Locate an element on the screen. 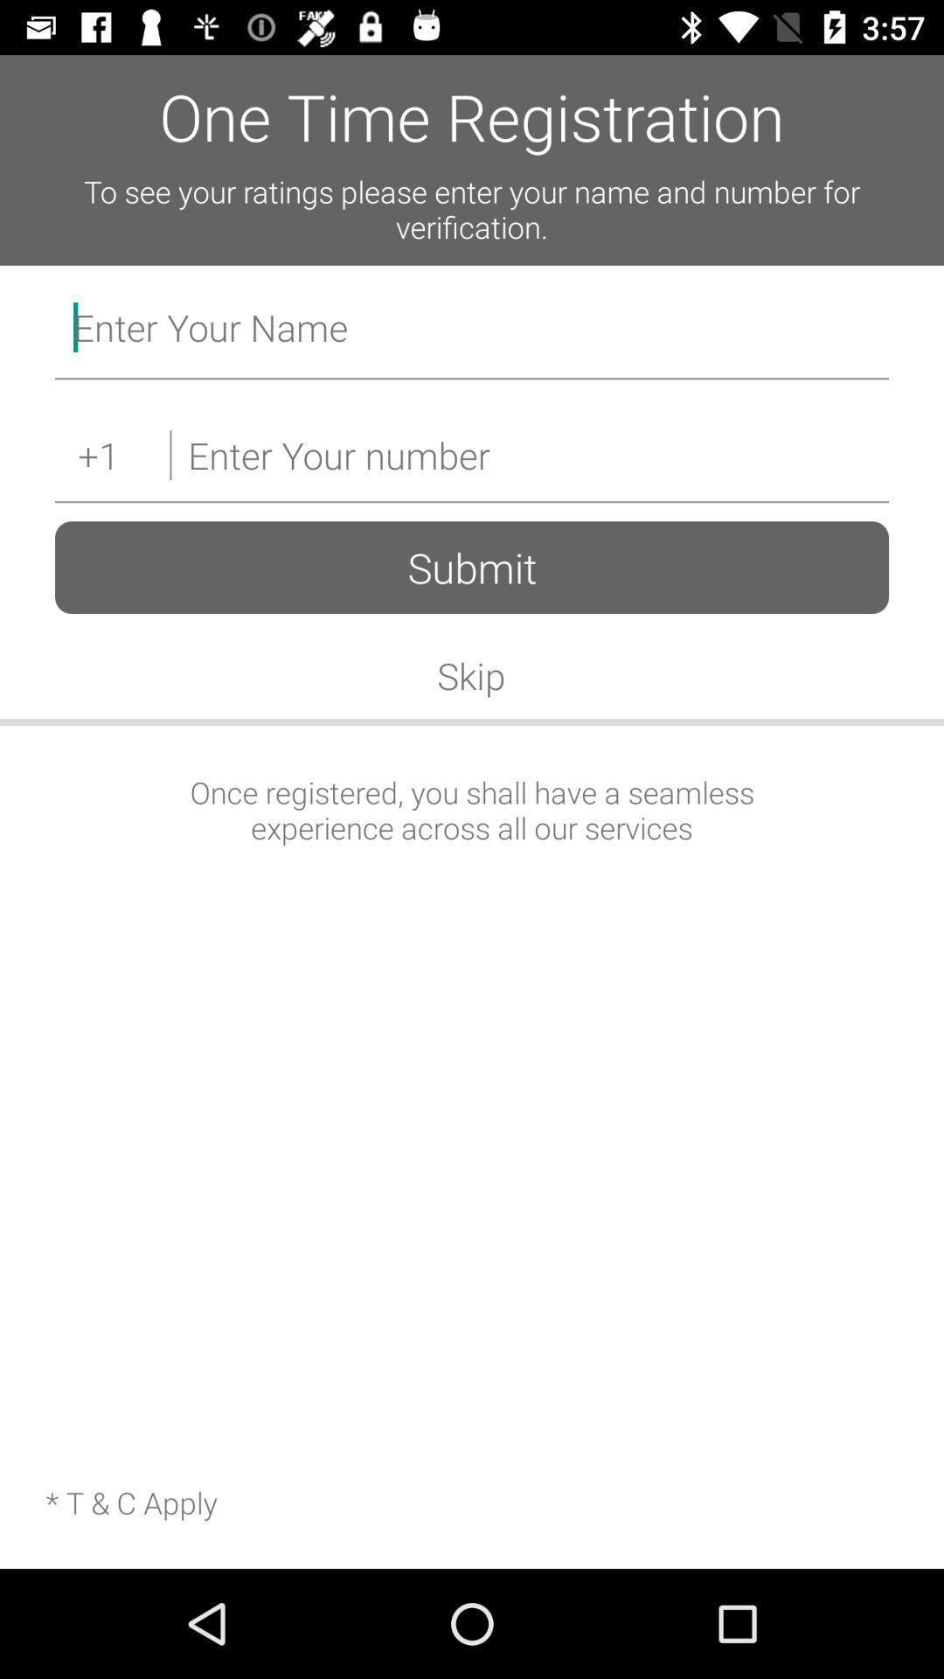 Image resolution: width=944 pixels, height=1679 pixels. submit is located at coordinates (472, 568).